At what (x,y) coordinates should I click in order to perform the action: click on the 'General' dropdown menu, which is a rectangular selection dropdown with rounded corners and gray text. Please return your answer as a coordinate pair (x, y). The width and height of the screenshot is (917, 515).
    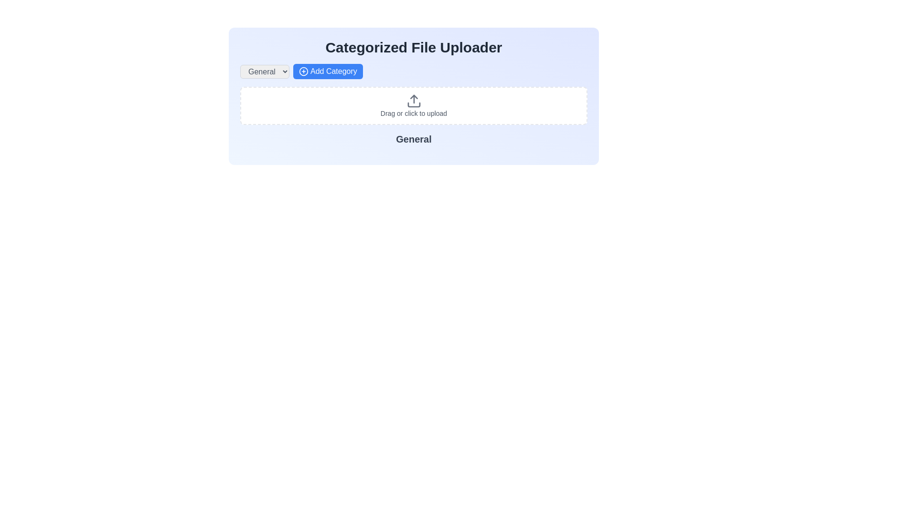
    Looking at the image, I should click on (265, 71).